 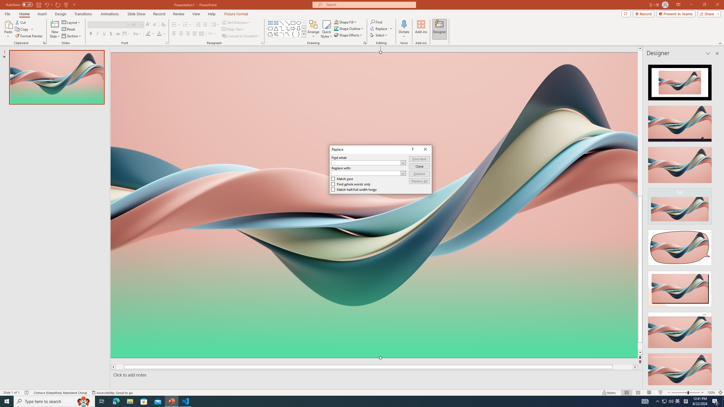 I want to click on 'Recommended Design: Design Idea', so click(x=679, y=80).